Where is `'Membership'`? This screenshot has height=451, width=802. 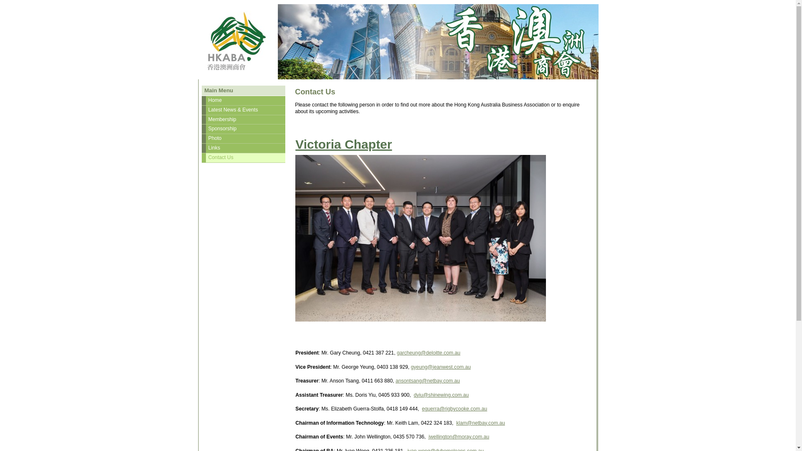 'Membership' is located at coordinates (243, 119).